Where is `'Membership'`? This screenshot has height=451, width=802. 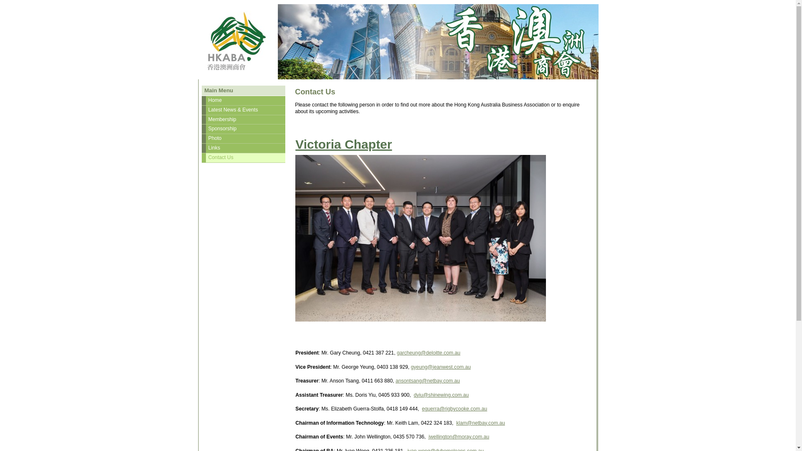 'Membership' is located at coordinates (243, 119).